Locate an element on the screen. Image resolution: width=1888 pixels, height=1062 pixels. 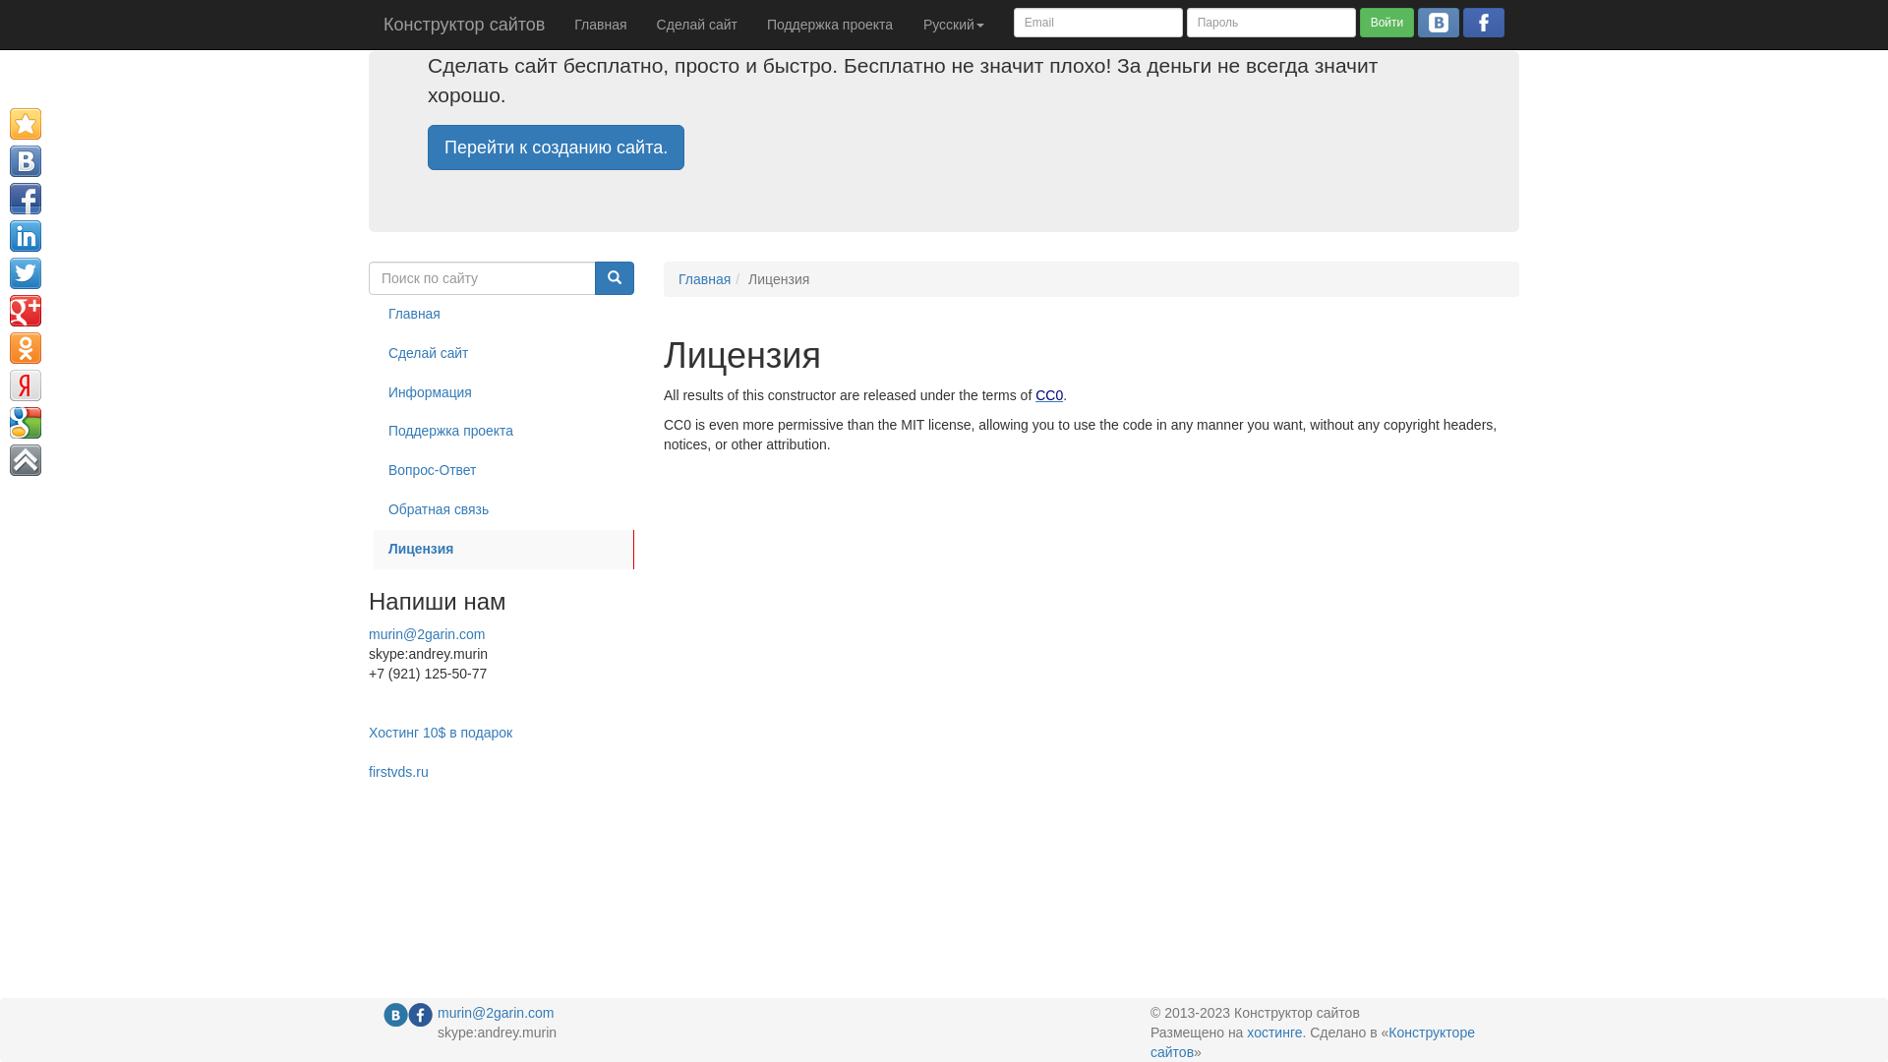
'firstvds.ru' is located at coordinates (397, 771).